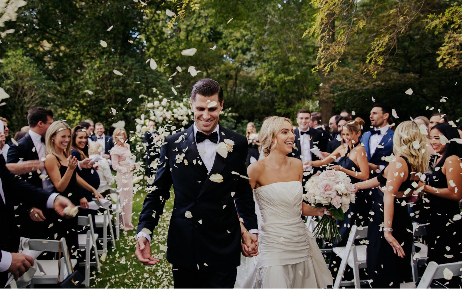  Describe the element at coordinates (424, 47) in the screenshot. I see `'Contact'` at that location.